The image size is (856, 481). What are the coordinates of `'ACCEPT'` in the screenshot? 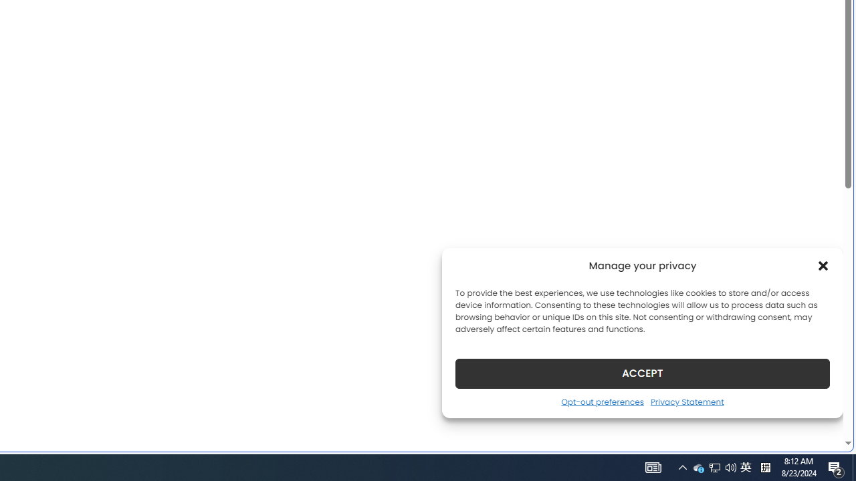 It's located at (643, 373).